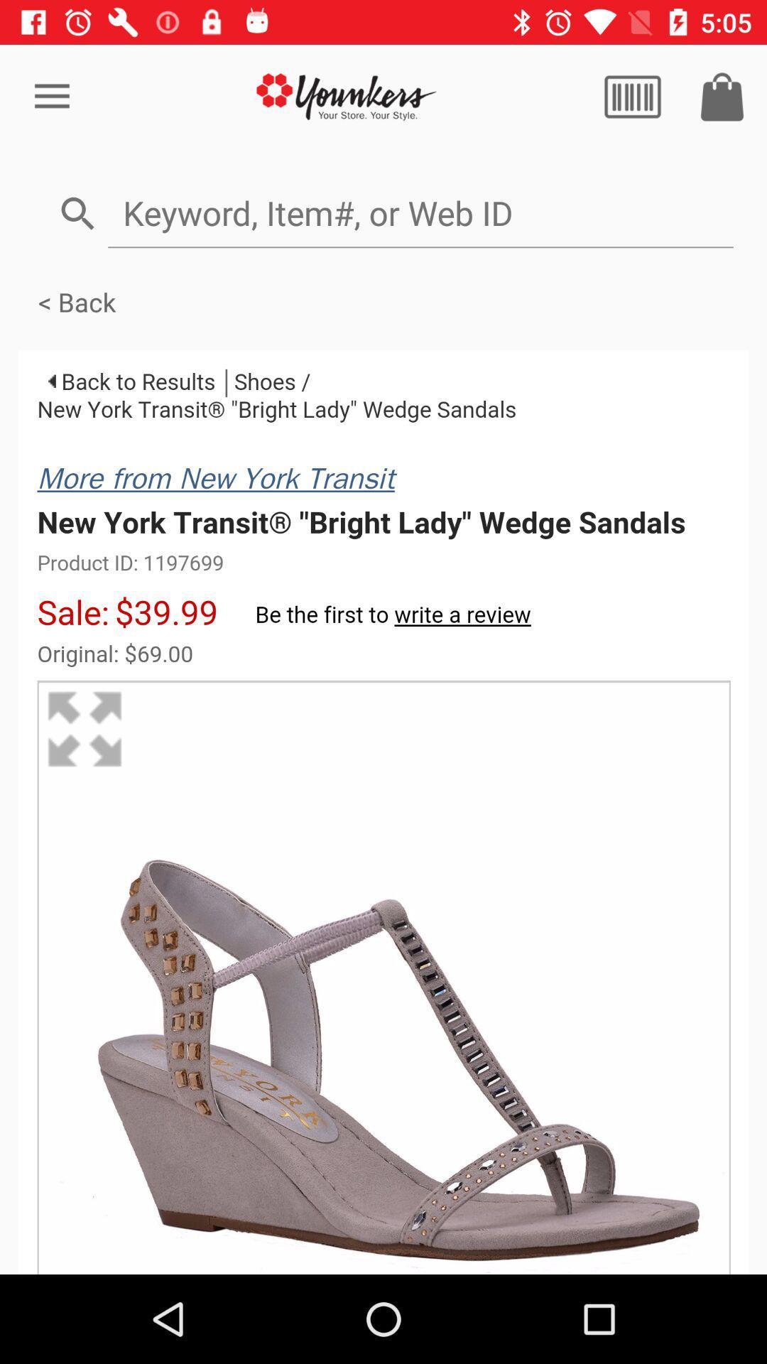 The width and height of the screenshot is (767, 1364). What do you see at coordinates (346, 96) in the screenshot?
I see `home` at bounding box center [346, 96].